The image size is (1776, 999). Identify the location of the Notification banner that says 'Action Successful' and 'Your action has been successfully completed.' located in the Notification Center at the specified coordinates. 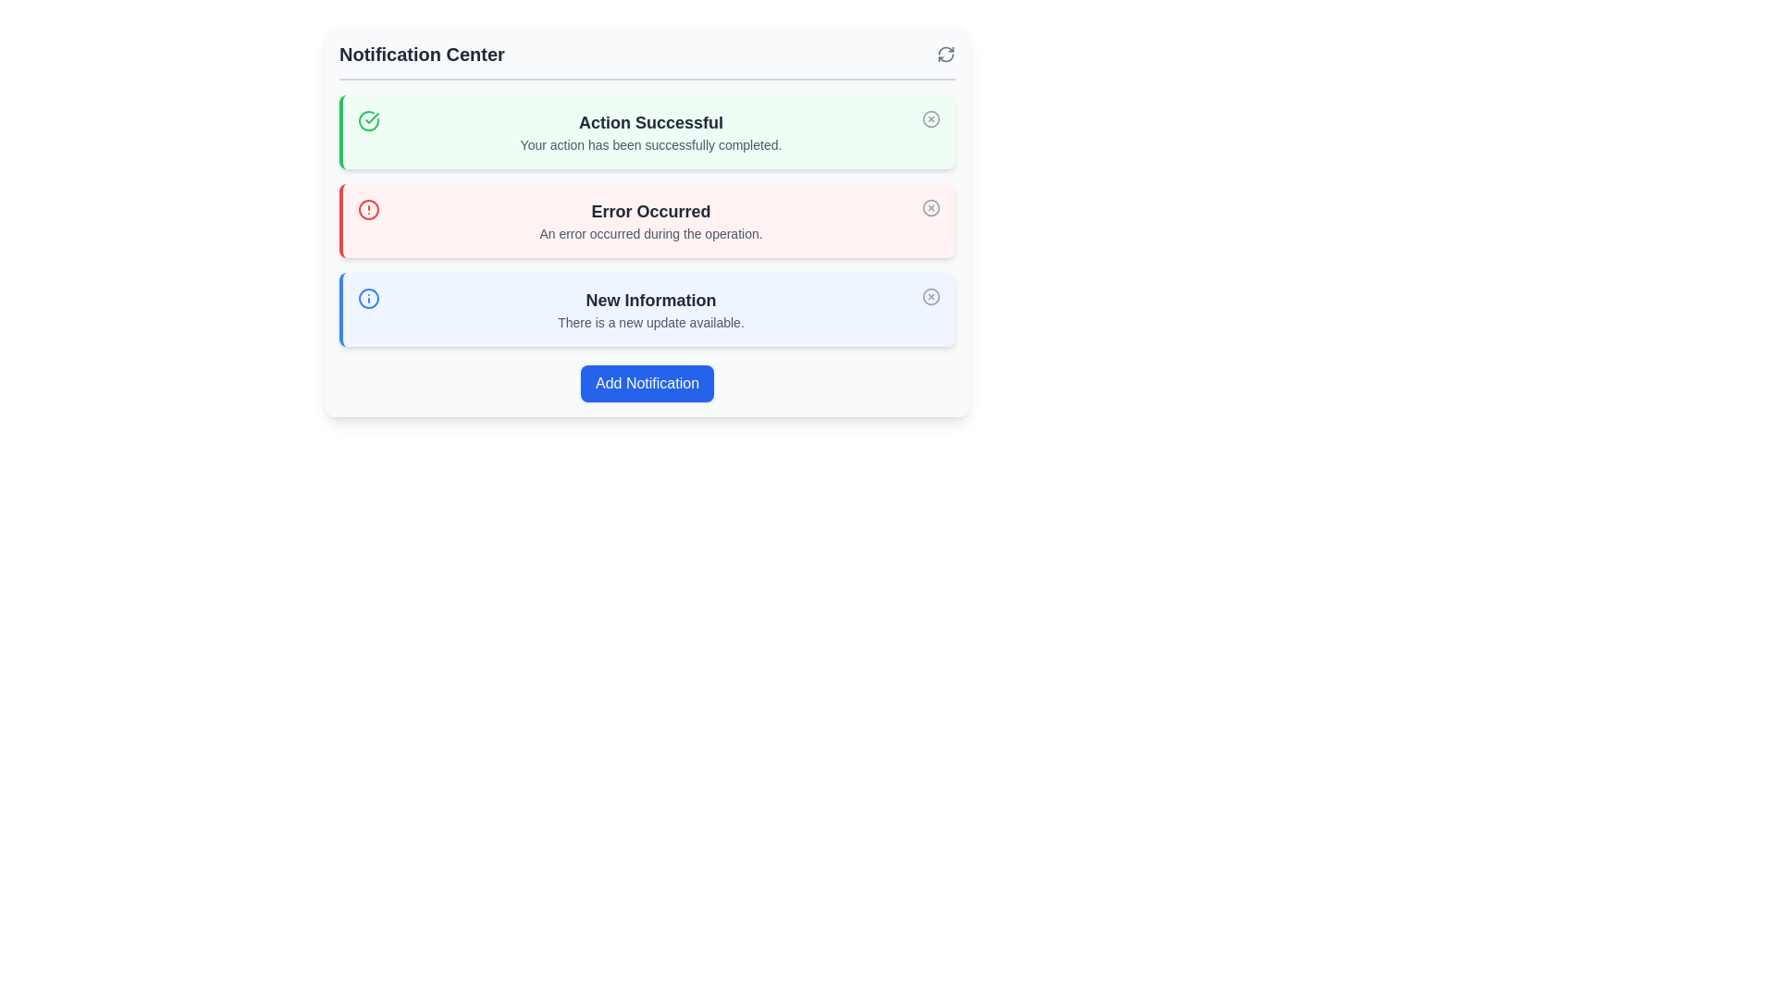
(651, 130).